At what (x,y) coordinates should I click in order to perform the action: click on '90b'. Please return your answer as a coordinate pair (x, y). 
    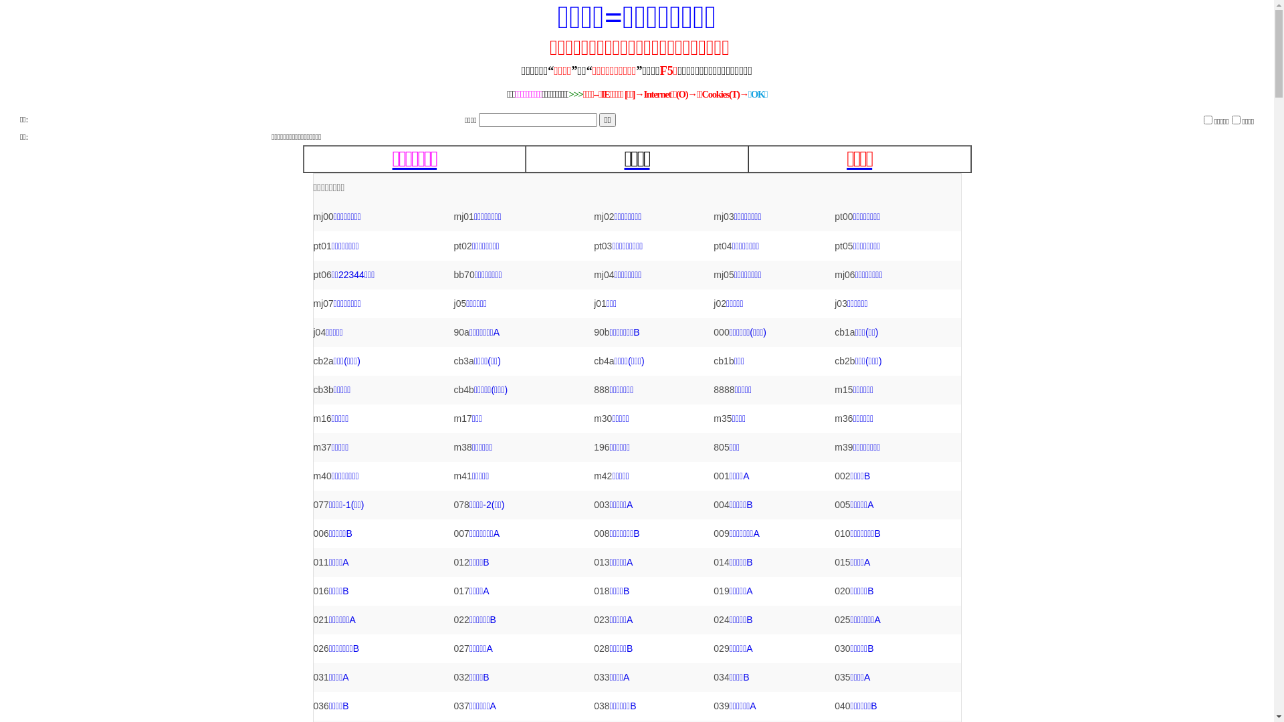
    Looking at the image, I should click on (601, 332).